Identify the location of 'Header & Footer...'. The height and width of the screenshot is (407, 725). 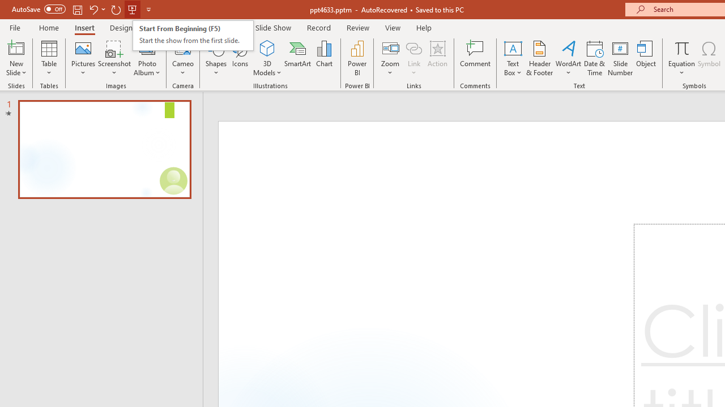
(539, 58).